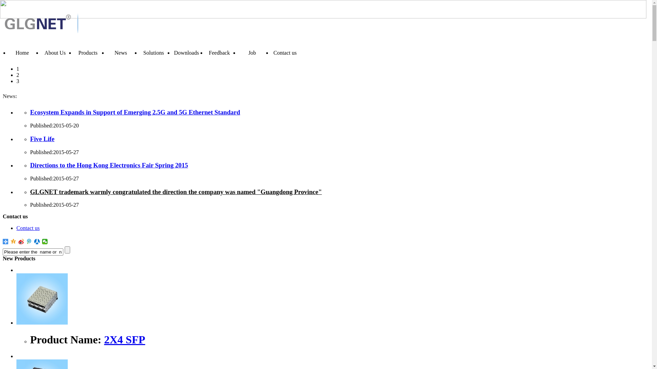  I want to click on '2X4 SFP', so click(125, 340).